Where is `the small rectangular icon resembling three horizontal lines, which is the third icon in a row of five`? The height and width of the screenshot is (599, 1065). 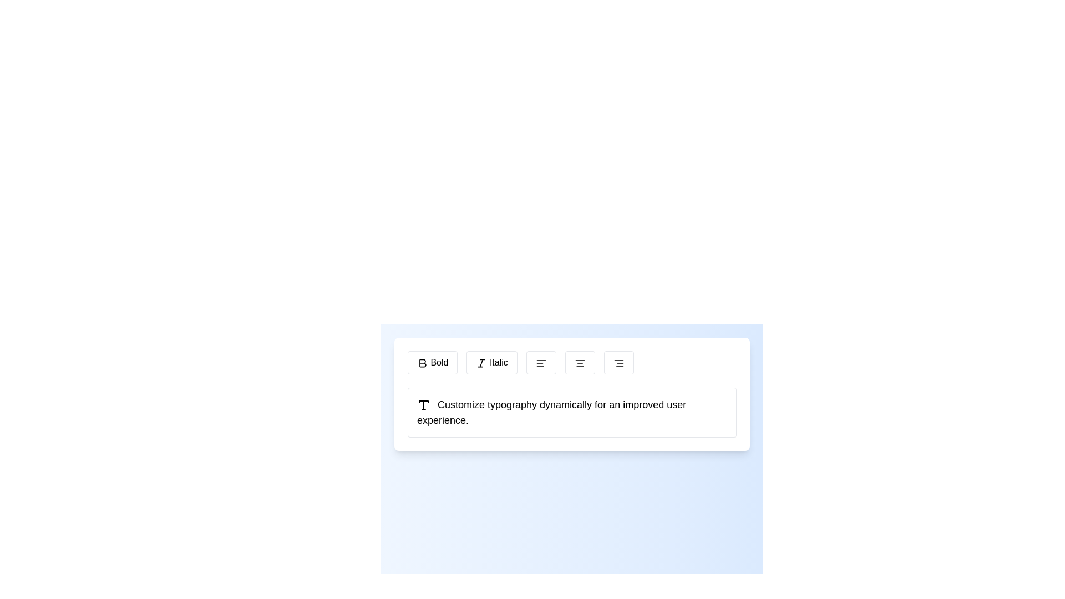 the small rectangular icon resembling three horizontal lines, which is the third icon in a row of five is located at coordinates (541, 363).